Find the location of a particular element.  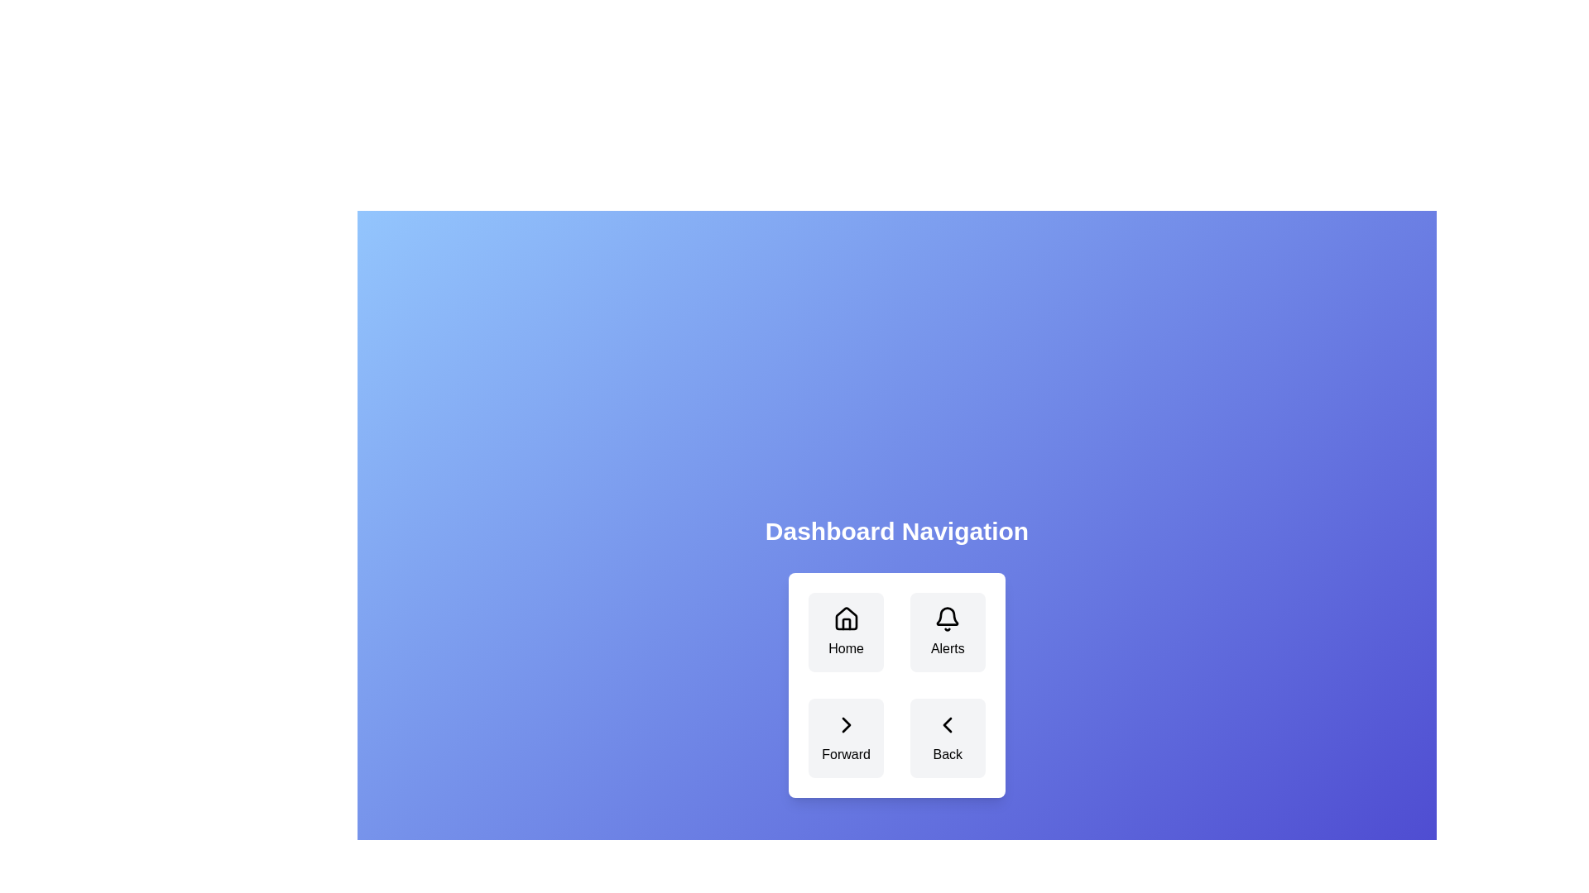

the 'Back' button located at the bottom-right corner of the grid, which features a left arrow icon and has a gray background with rounded corners is located at coordinates (948, 738).